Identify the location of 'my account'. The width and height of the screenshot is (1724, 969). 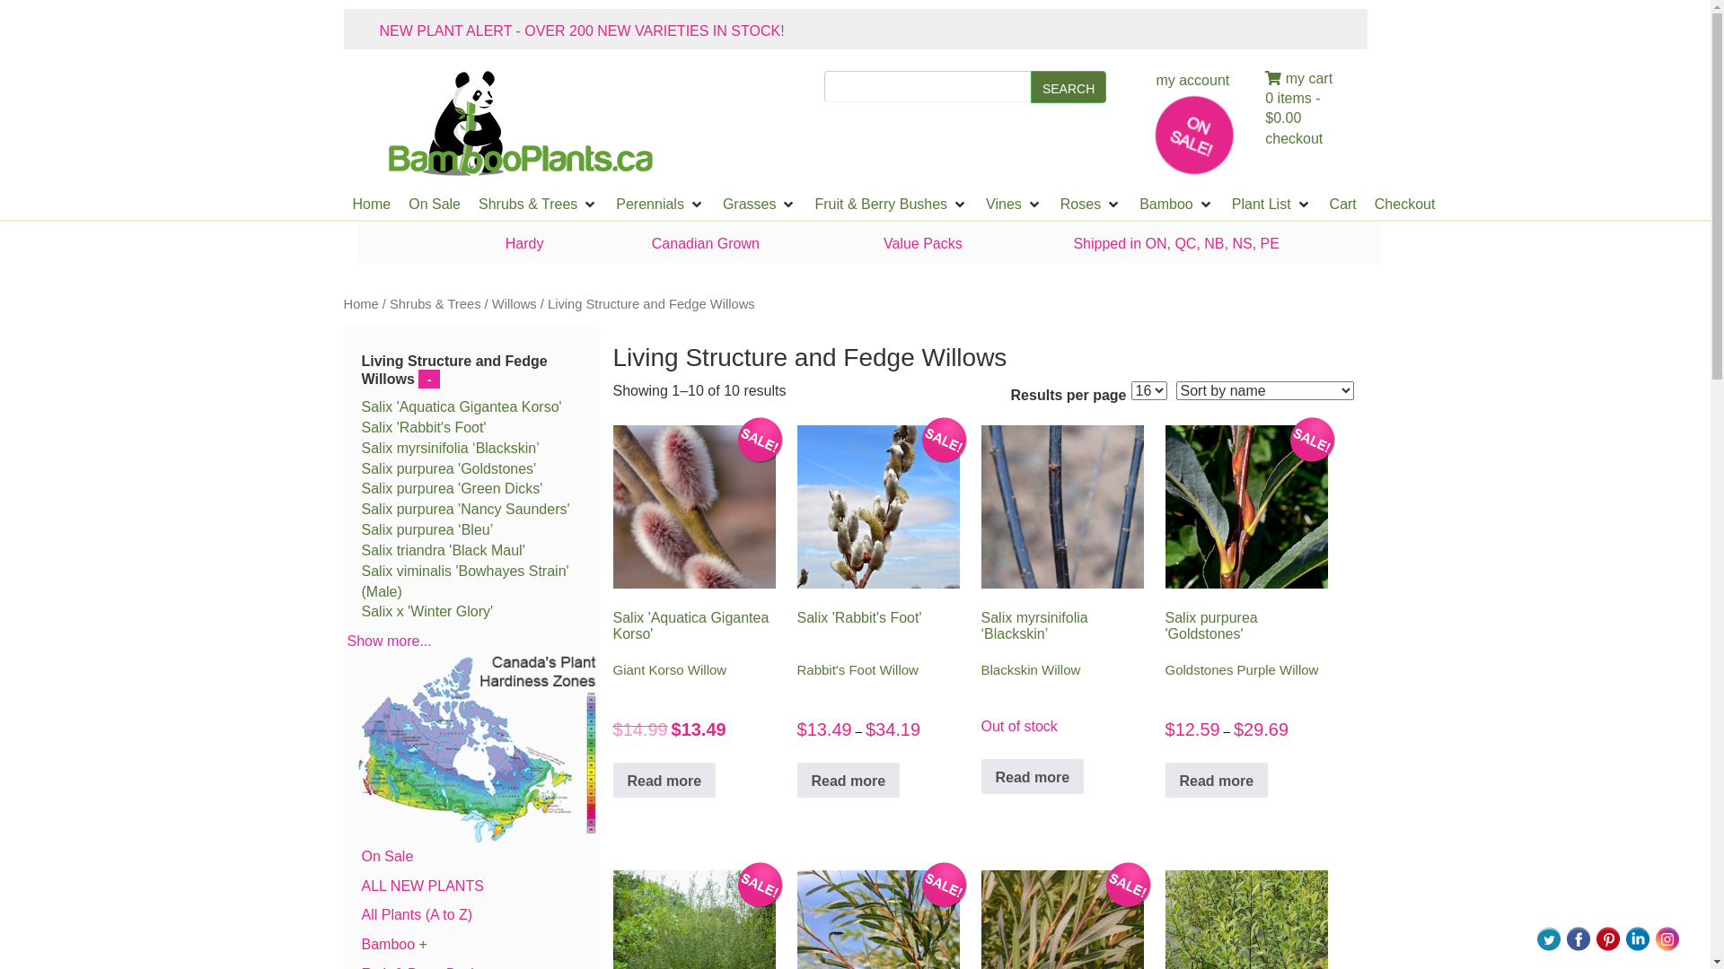
(1192, 79).